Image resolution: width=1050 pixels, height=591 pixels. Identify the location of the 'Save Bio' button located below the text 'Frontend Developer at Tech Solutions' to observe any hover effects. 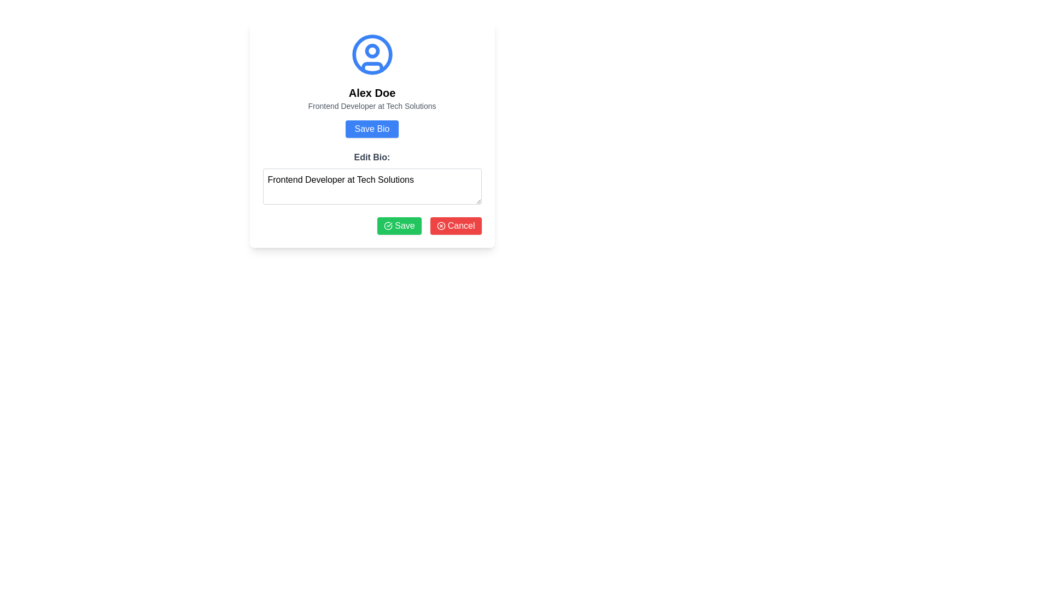
(372, 128).